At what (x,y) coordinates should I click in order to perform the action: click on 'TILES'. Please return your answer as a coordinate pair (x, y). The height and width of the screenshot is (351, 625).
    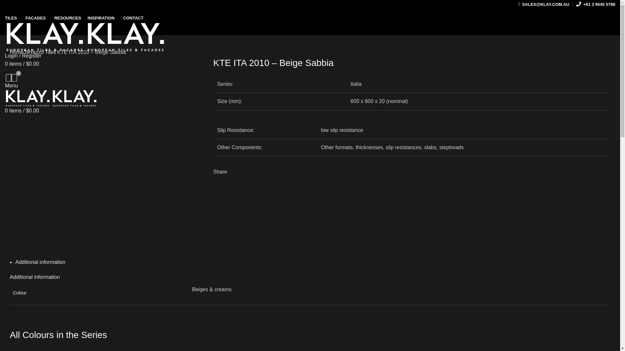
    Looking at the image, I should click on (12, 18).